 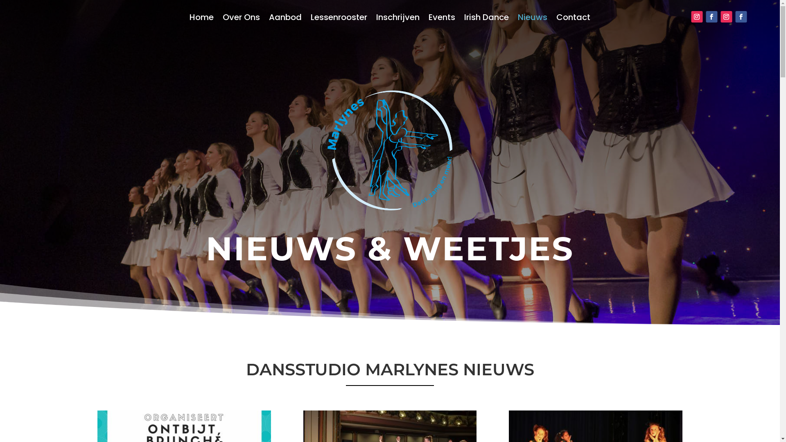 I want to click on '2021_Marlynes_logo_def_socialemedia-website', so click(x=389, y=150).